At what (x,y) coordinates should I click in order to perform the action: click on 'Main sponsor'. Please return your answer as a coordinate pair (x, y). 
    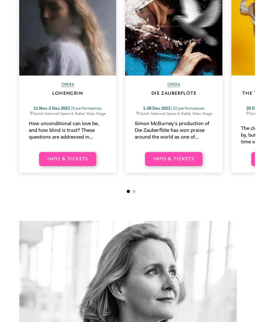
    Looking at the image, I should click on (172, 306).